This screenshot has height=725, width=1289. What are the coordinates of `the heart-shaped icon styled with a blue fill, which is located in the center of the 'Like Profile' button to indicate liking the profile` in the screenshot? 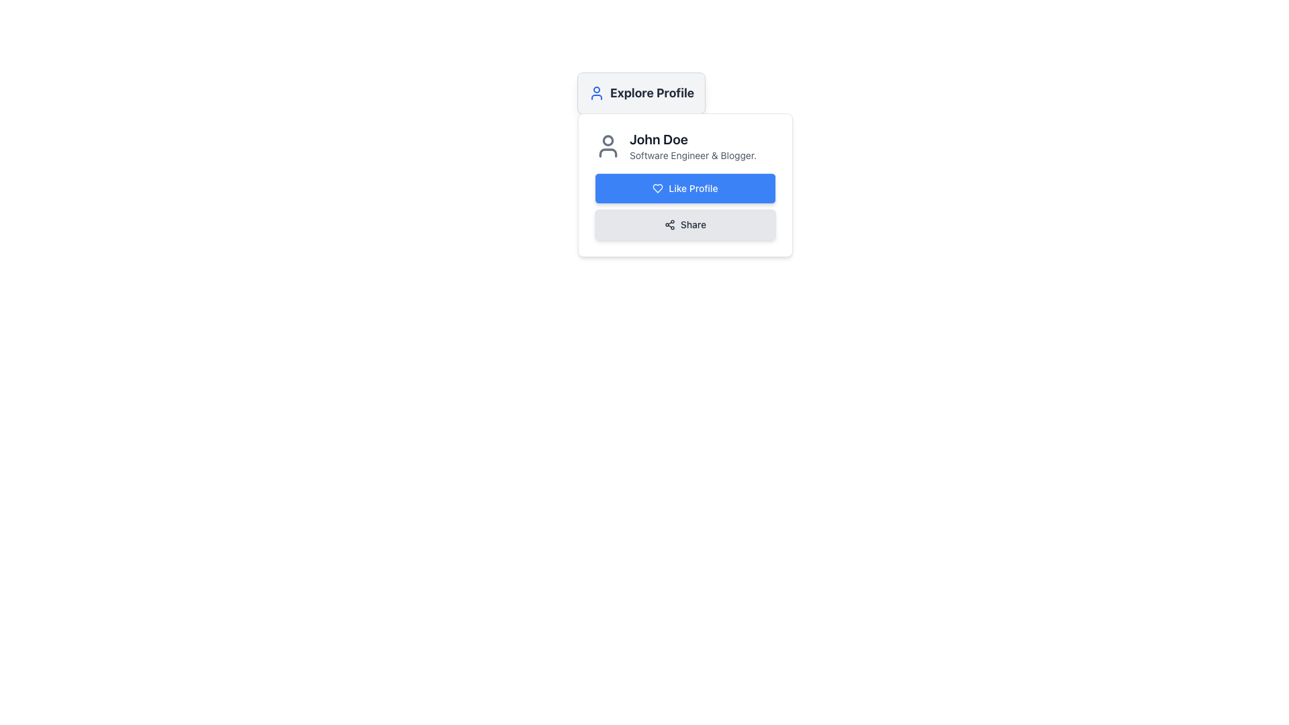 It's located at (658, 189).